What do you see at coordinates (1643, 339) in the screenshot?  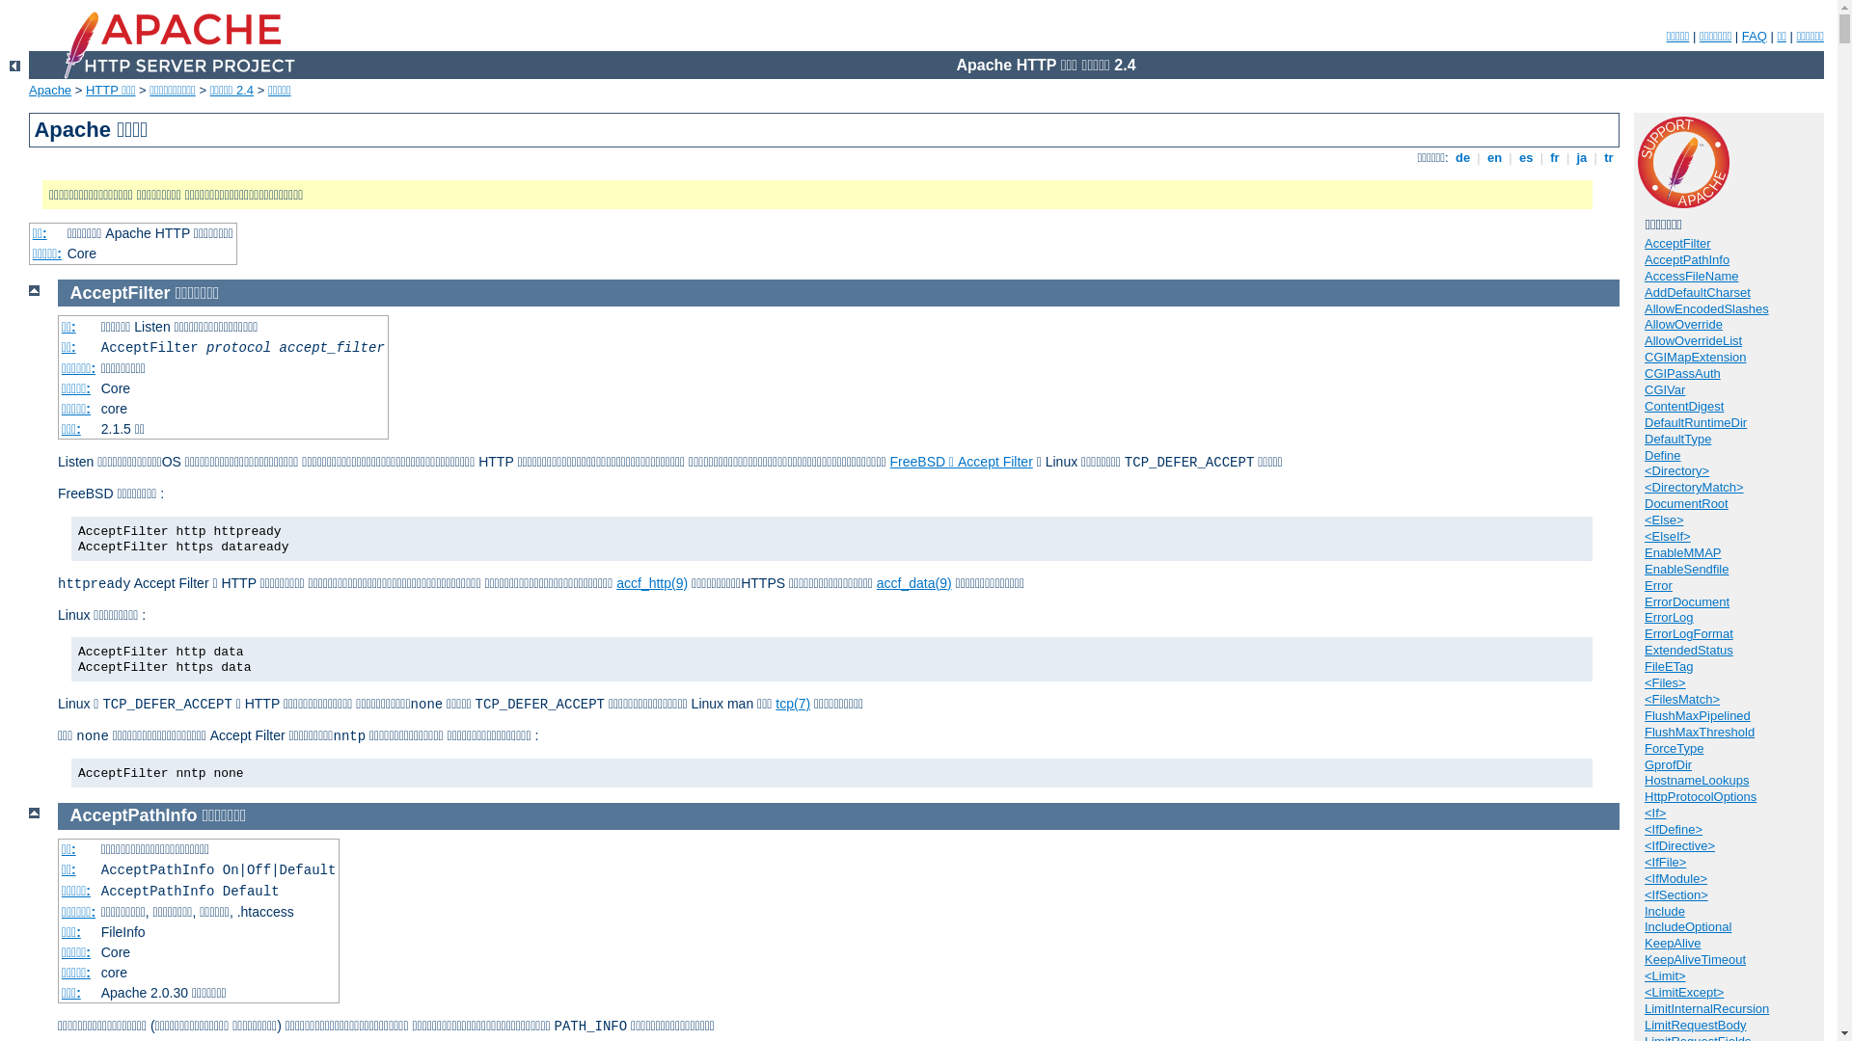 I see `'AllowOverrideList'` at bounding box center [1643, 339].